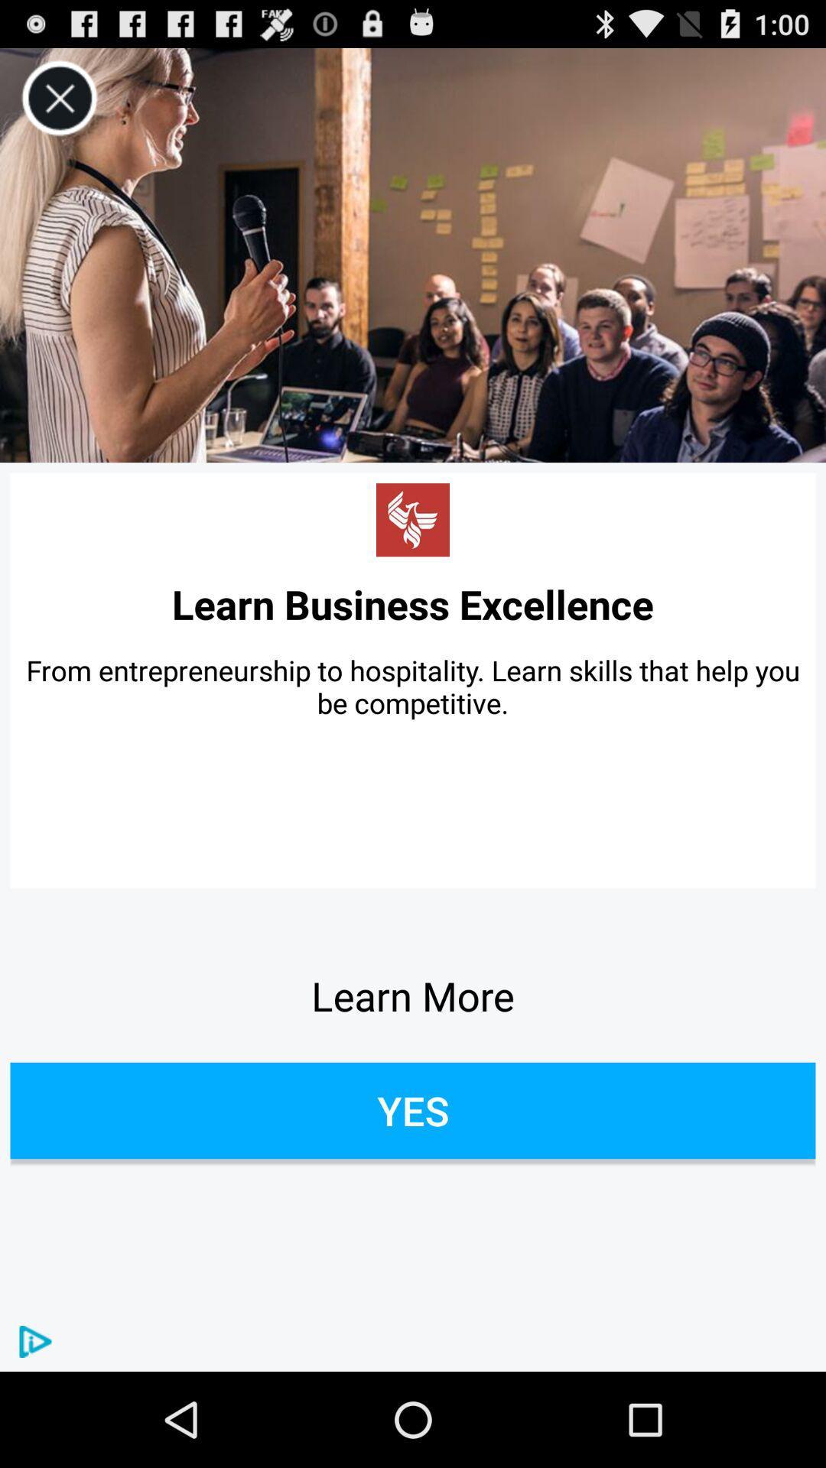 This screenshot has height=1468, width=826. I want to click on the icon at the top, so click(413, 255).